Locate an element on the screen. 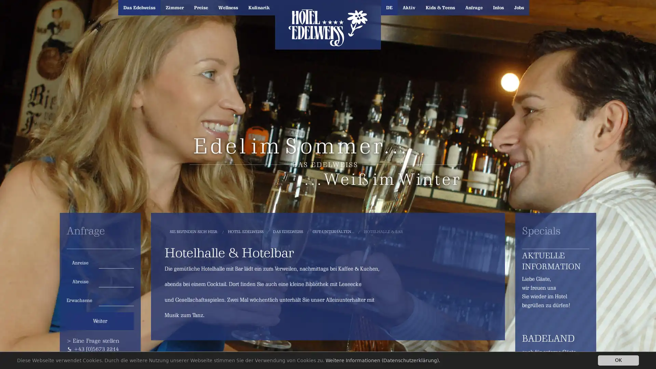 This screenshot has width=656, height=369. Weiter is located at coordinates (99, 320).